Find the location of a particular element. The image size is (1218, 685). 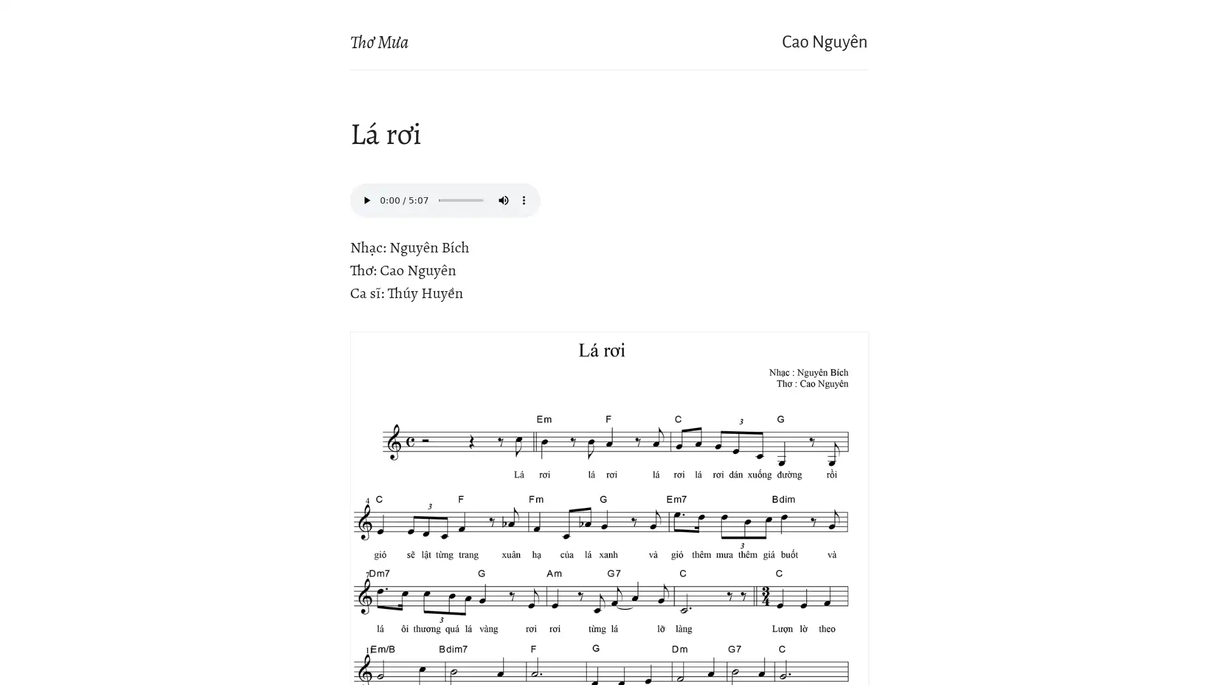

play is located at coordinates (365, 200).